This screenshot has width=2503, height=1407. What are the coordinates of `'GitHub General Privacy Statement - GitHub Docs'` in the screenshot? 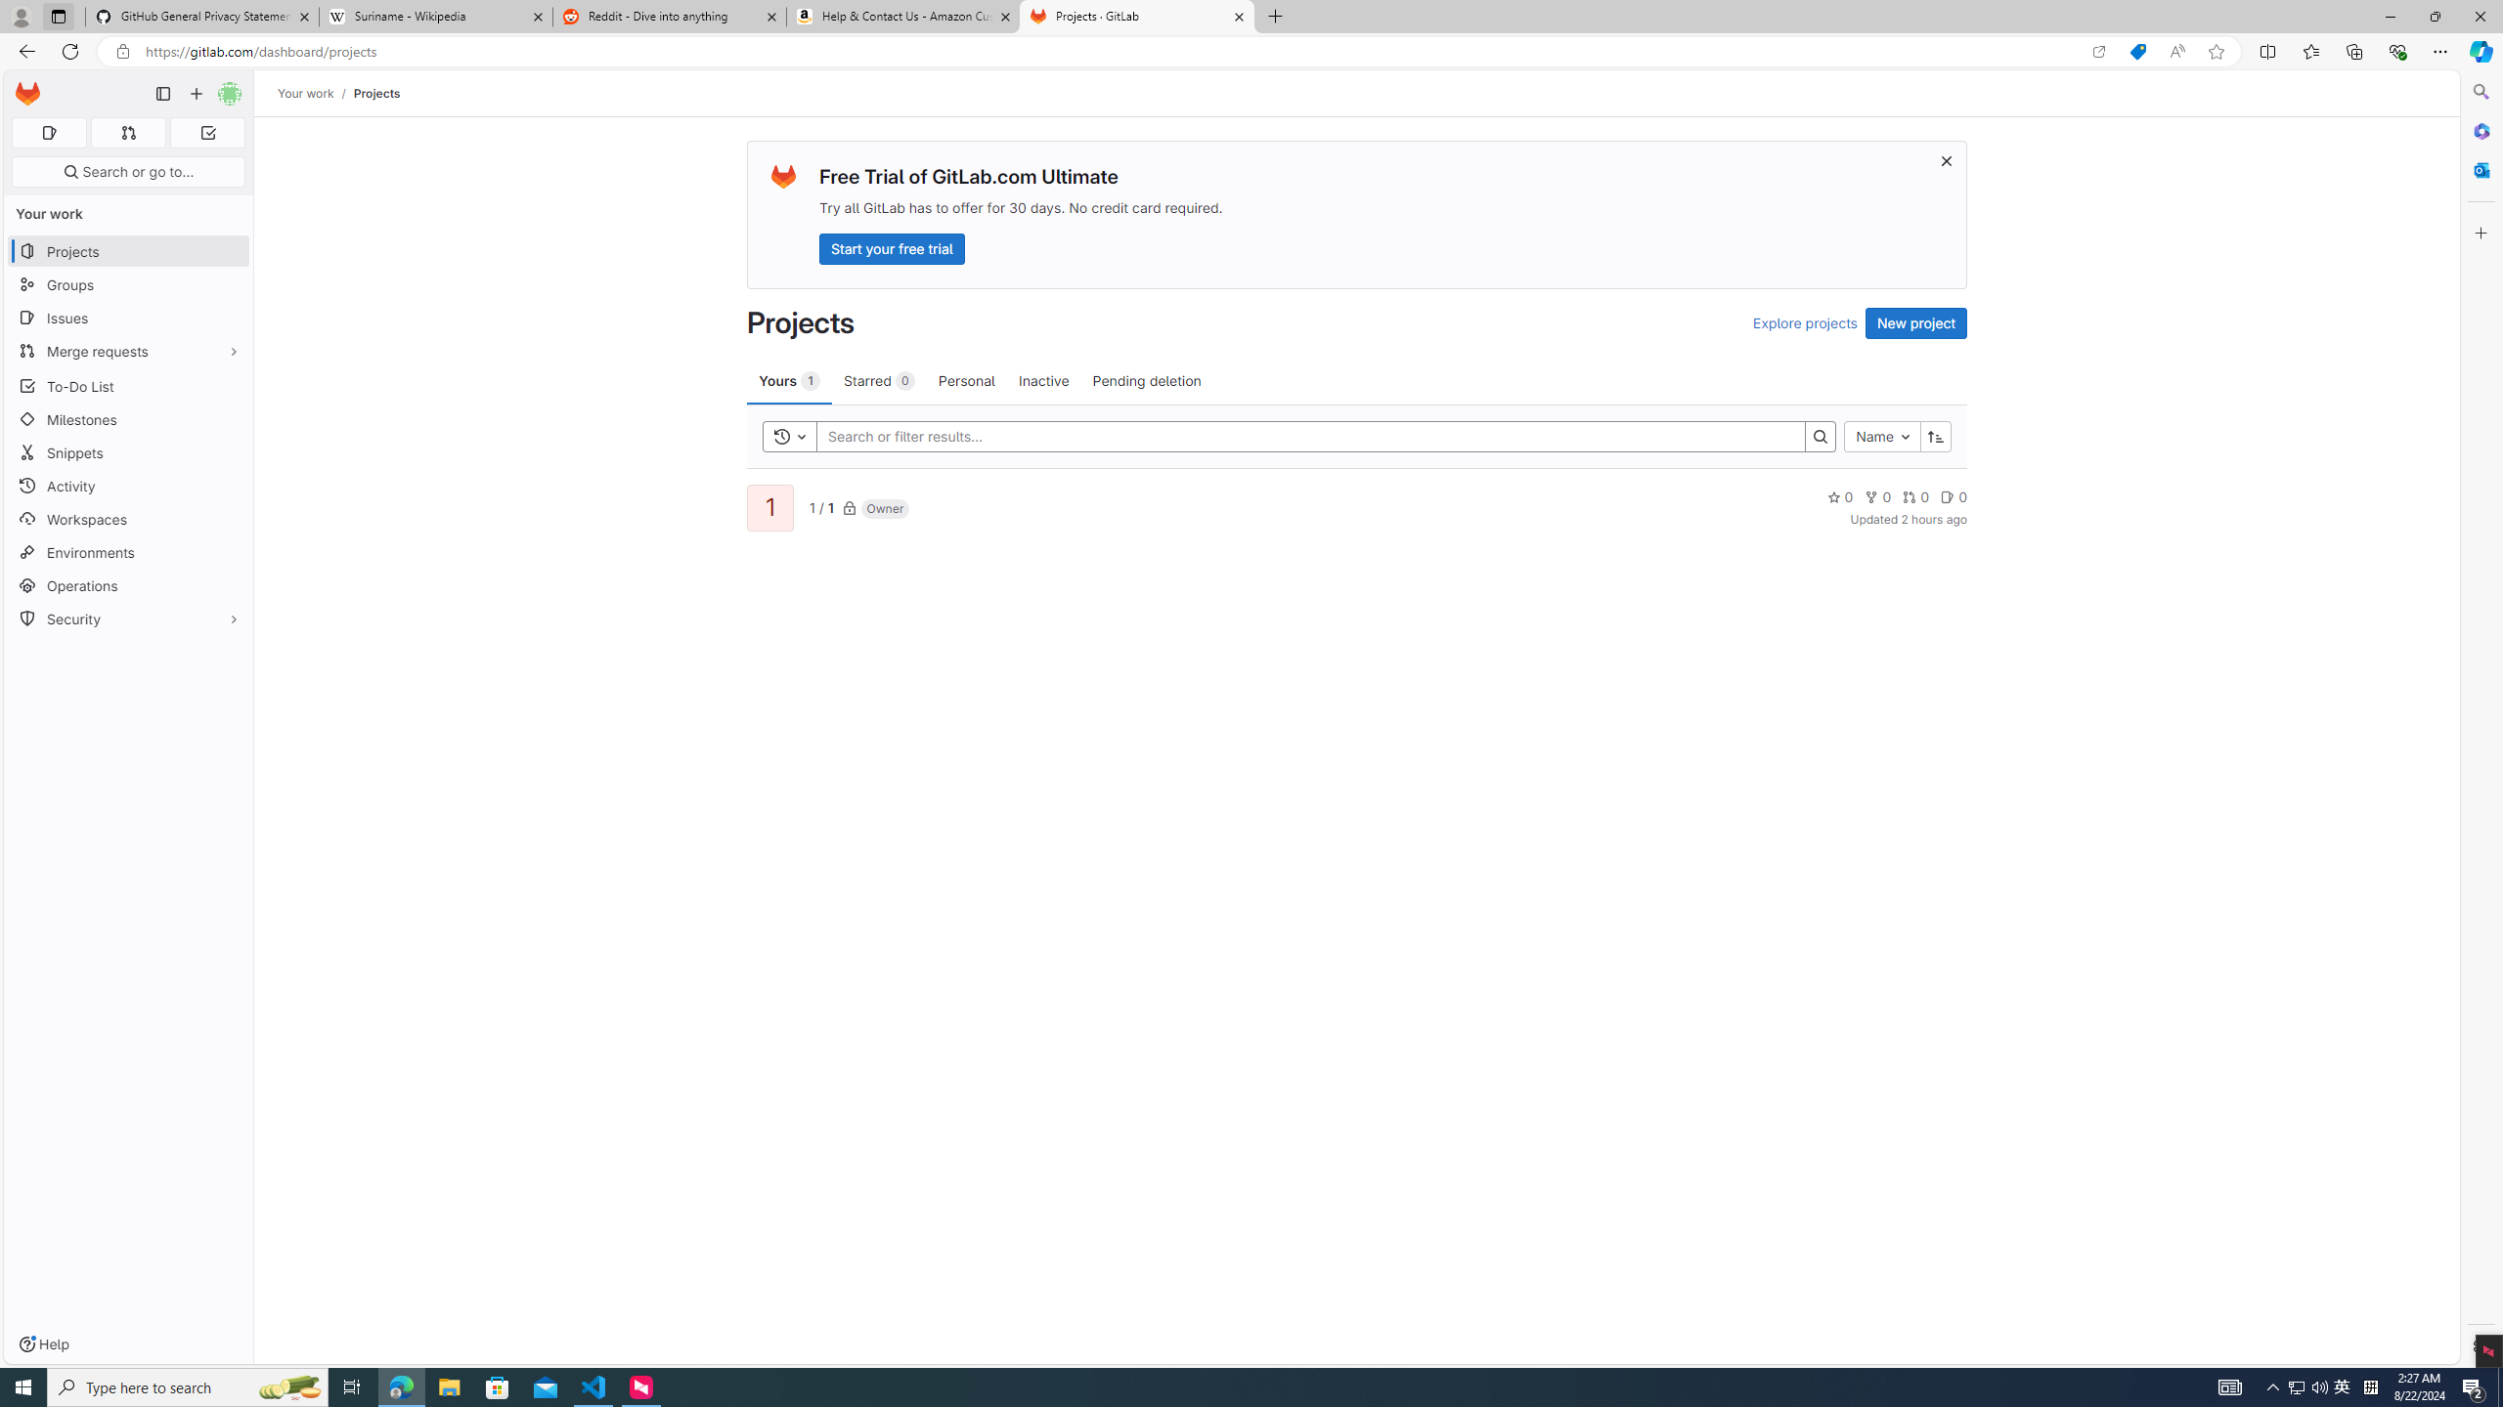 It's located at (202, 16).